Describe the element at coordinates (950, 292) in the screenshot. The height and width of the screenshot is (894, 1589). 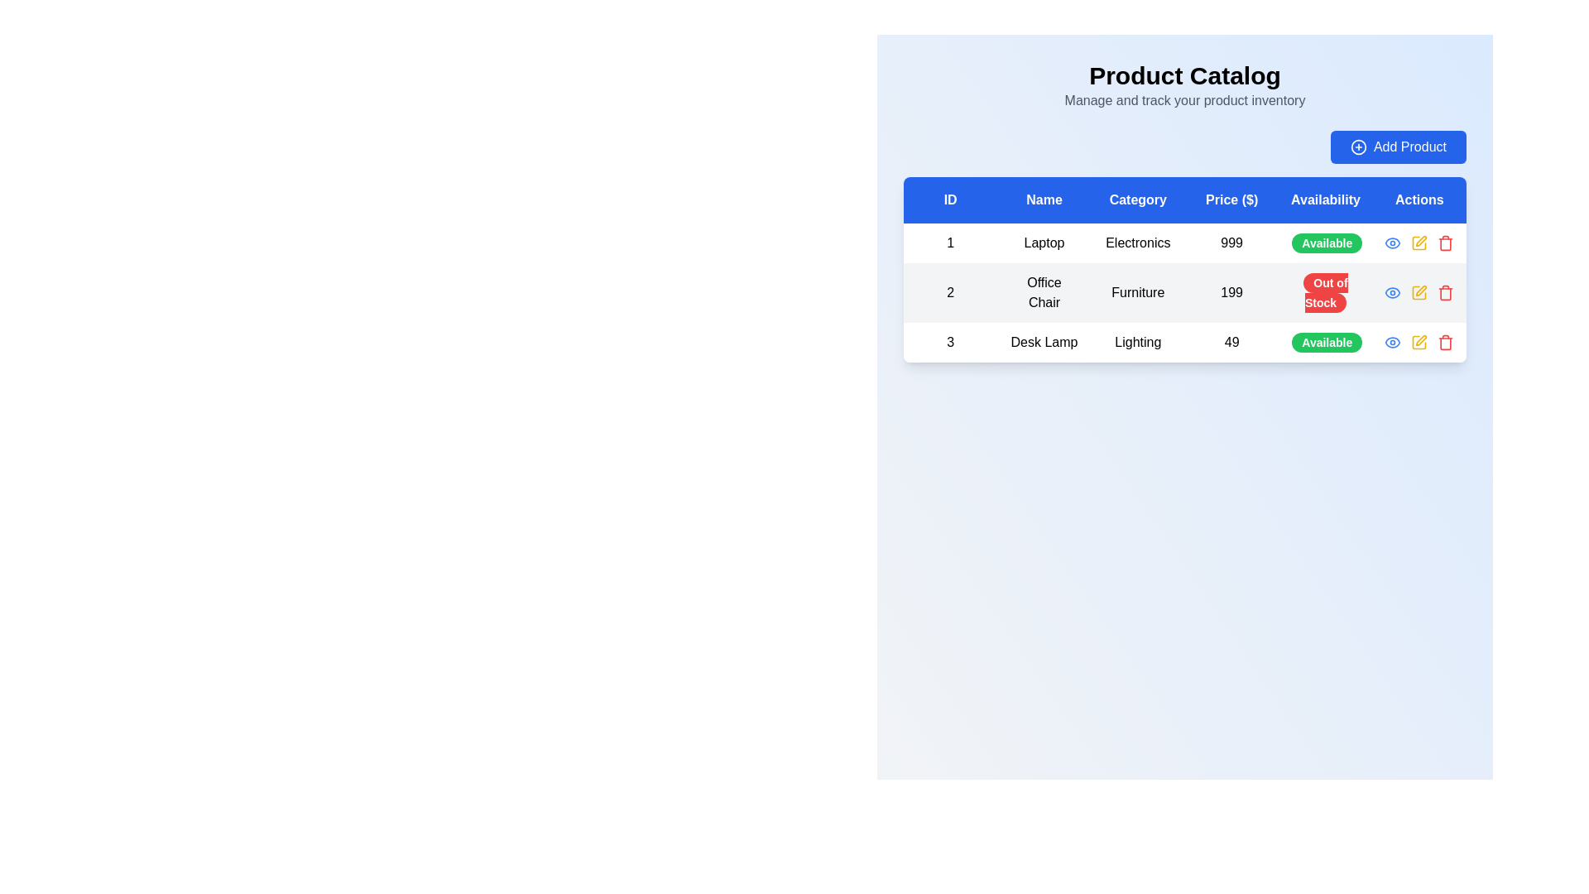
I see `displayed text from the Table Cell element showing the number '2', which is centrally aligned in the first column under the 'ID' header` at that location.